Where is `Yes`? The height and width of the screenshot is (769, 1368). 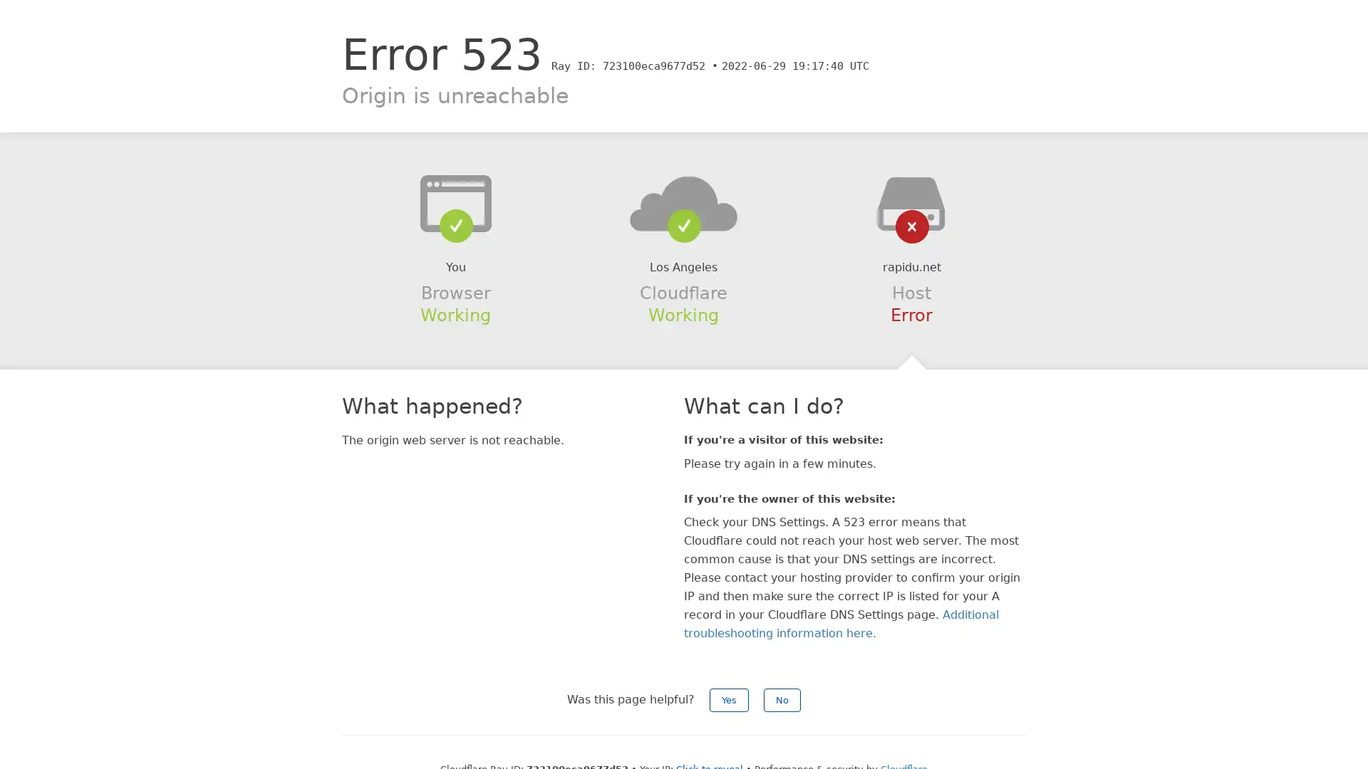 Yes is located at coordinates (729, 699).